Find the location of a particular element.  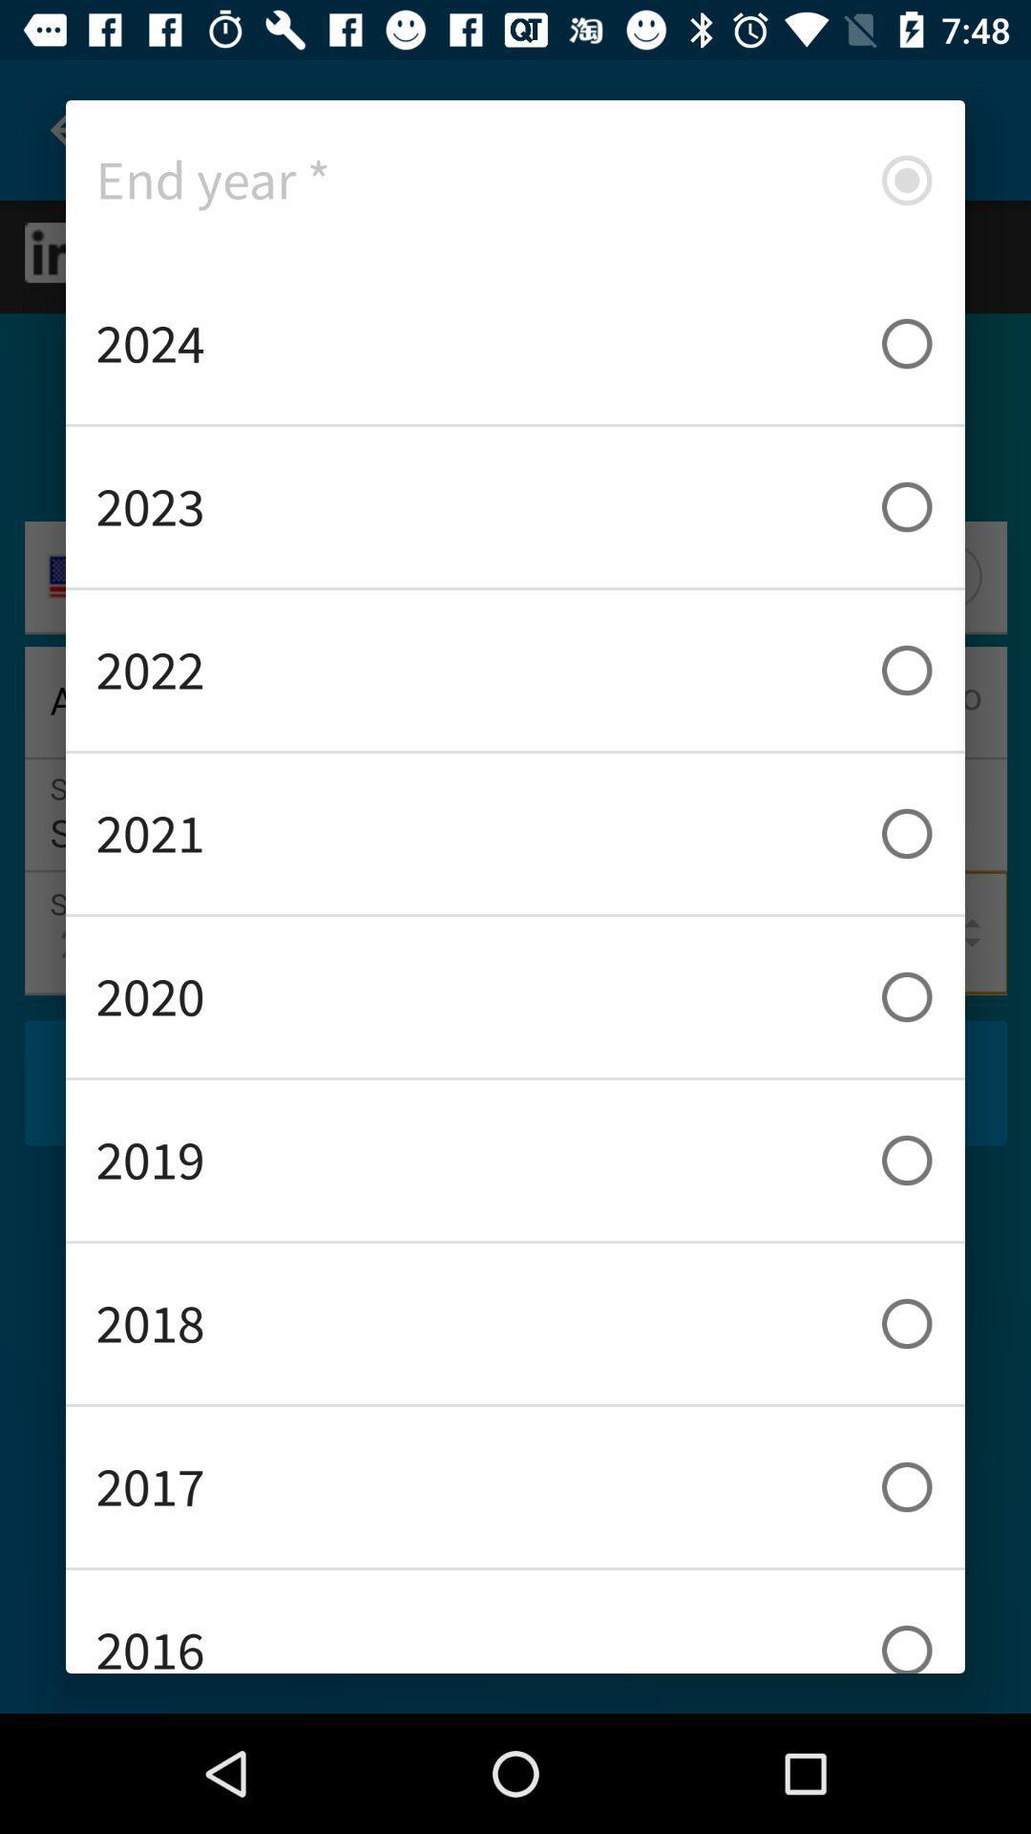

the item below 2018 is located at coordinates (515, 1485).